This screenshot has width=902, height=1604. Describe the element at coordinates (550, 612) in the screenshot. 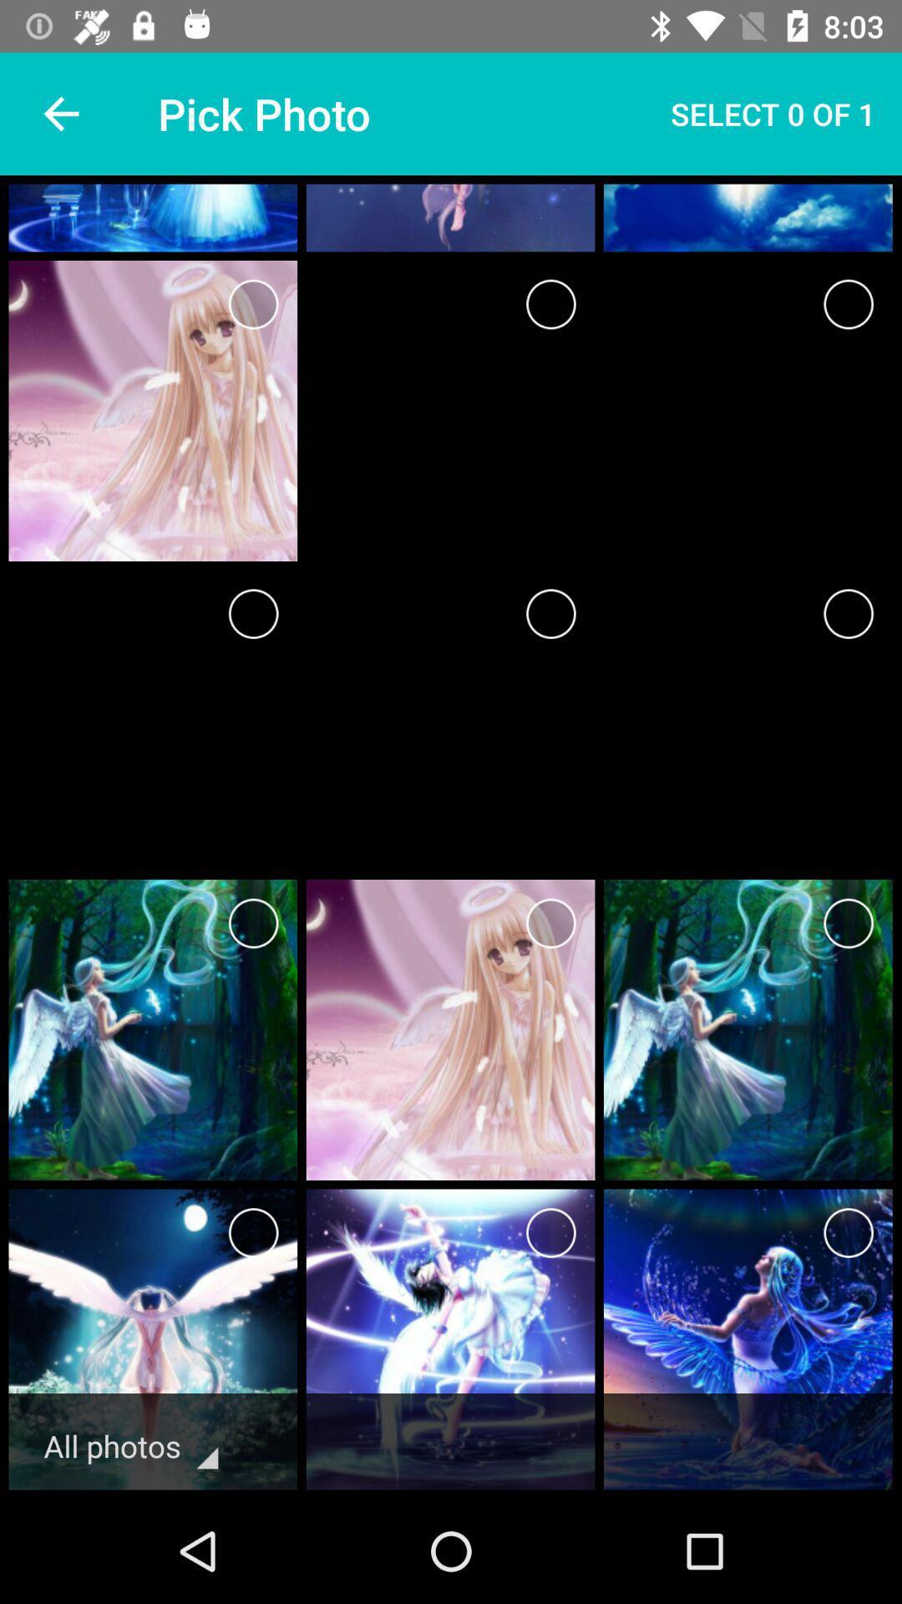

I see `option` at that location.